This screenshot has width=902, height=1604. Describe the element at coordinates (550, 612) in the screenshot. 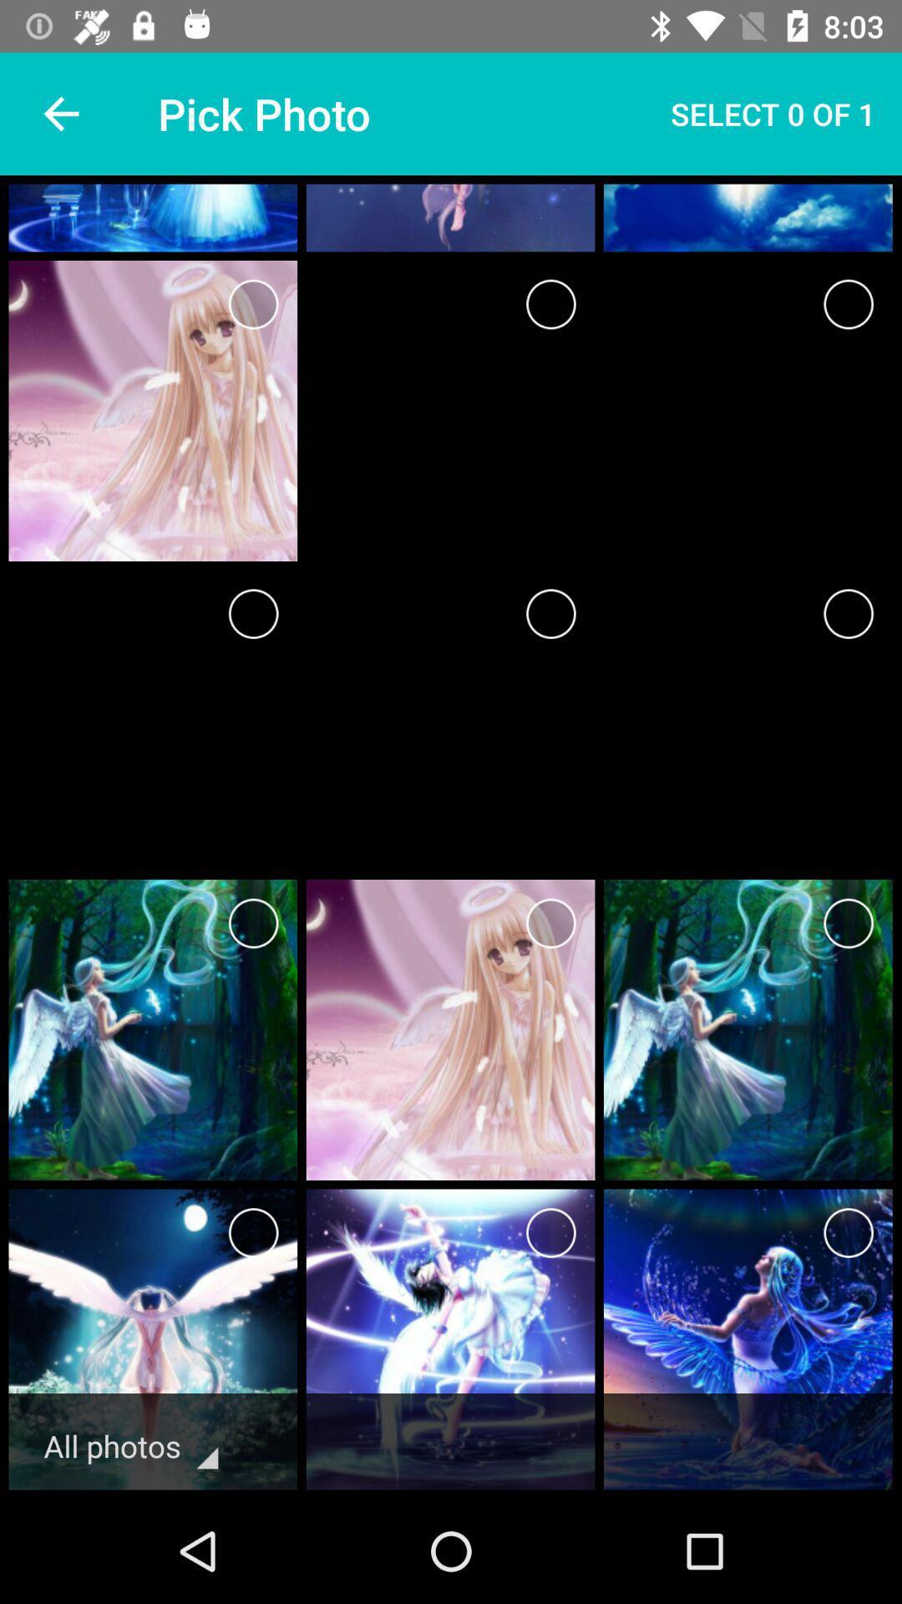

I see `option` at that location.